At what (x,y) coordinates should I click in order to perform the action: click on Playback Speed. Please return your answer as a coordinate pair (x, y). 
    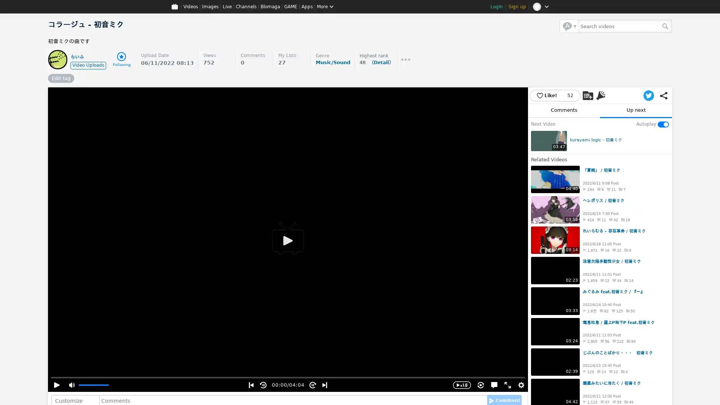
    Looking at the image, I should click on (462, 385).